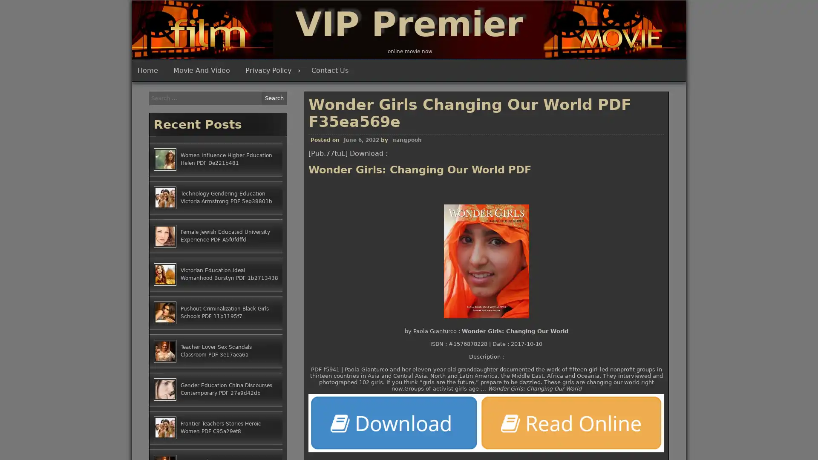  What do you see at coordinates (274, 98) in the screenshot?
I see `Search` at bounding box center [274, 98].